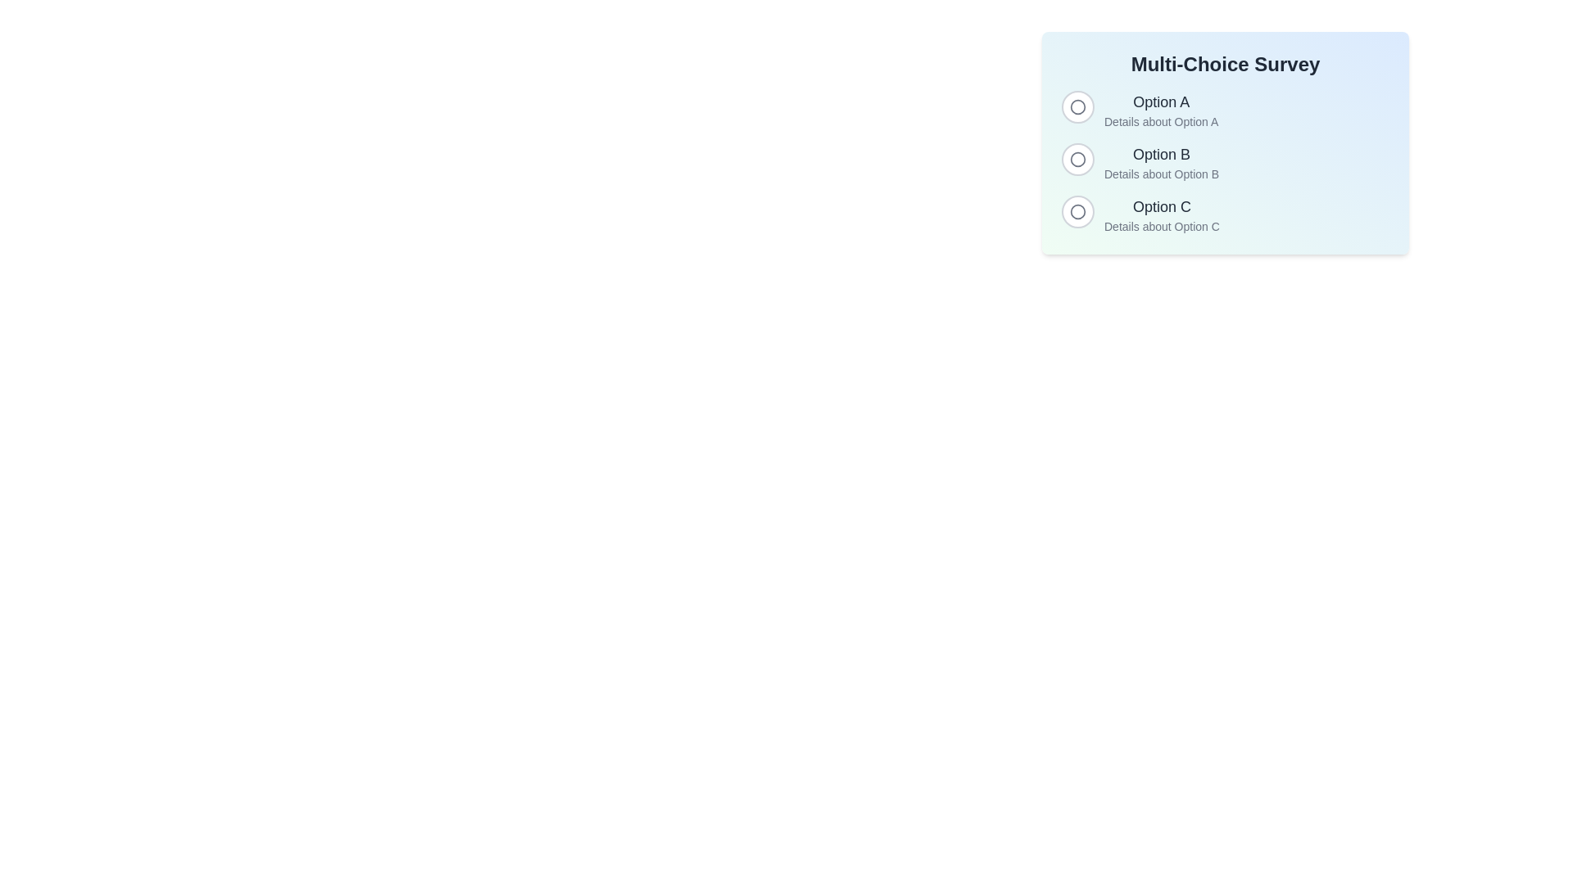 This screenshot has width=1573, height=884. What do you see at coordinates (1140, 163) in the screenshot?
I see `the text label 'Option B' with the subtitle 'Details about Option B', which is the second option in the list under 'Multi-Choice Survey', located to the right of the circular selectable icon` at bounding box center [1140, 163].